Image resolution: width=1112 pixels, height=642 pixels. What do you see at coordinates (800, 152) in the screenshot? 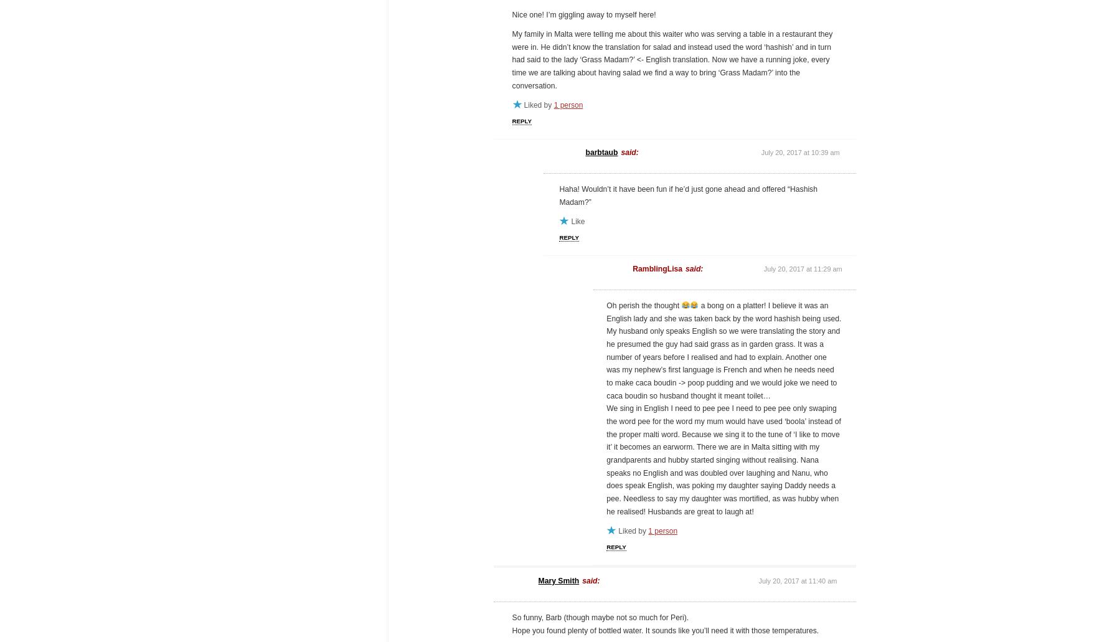
I see `'July 20, 2017 at 10:39 am'` at bounding box center [800, 152].